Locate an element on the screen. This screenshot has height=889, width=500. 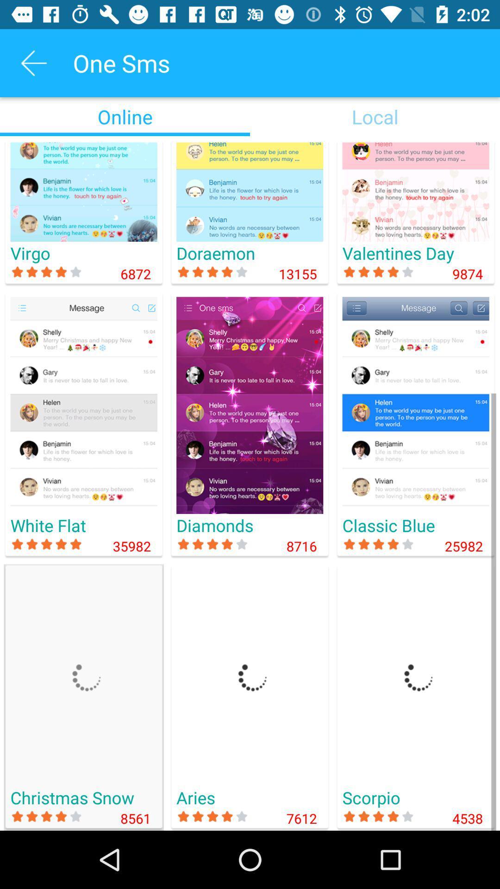
app to the left of one sms icon is located at coordinates (33, 63).